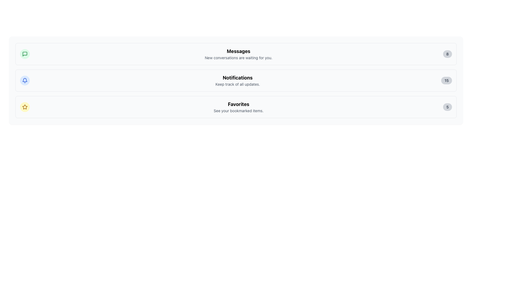 Image resolution: width=520 pixels, height=292 pixels. Describe the element at coordinates (24, 107) in the screenshot. I see `the star-shaped icon with a yellow border located in the third list item of the vertical menu` at that location.